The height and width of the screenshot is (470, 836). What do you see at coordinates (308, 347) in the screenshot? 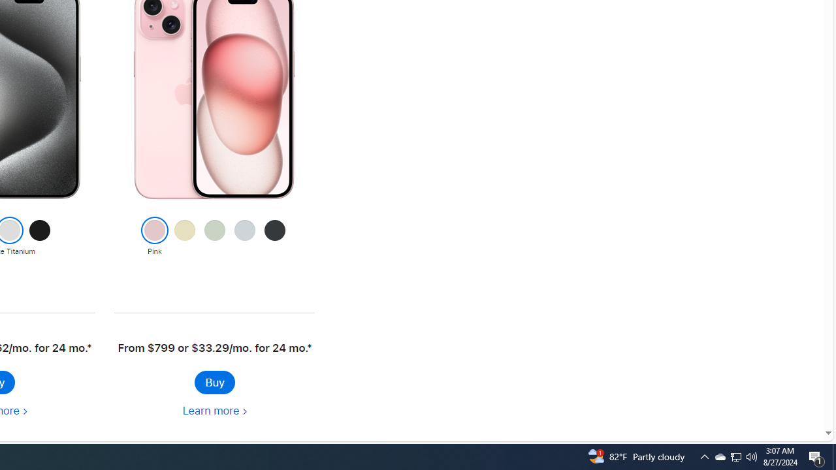
I see `'Footnote * symbol'` at bounding box center [308, 347].